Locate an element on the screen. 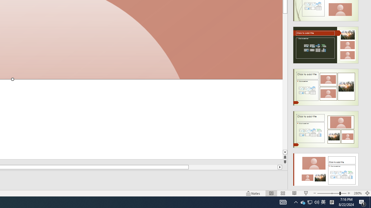 The image size is (371, 208). 'Notes ' is located at coordinates (253, 193).